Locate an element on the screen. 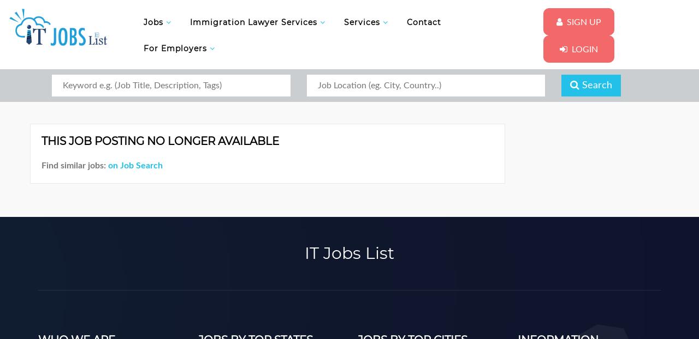  'Post Job' is located at coordinates (439, 95).